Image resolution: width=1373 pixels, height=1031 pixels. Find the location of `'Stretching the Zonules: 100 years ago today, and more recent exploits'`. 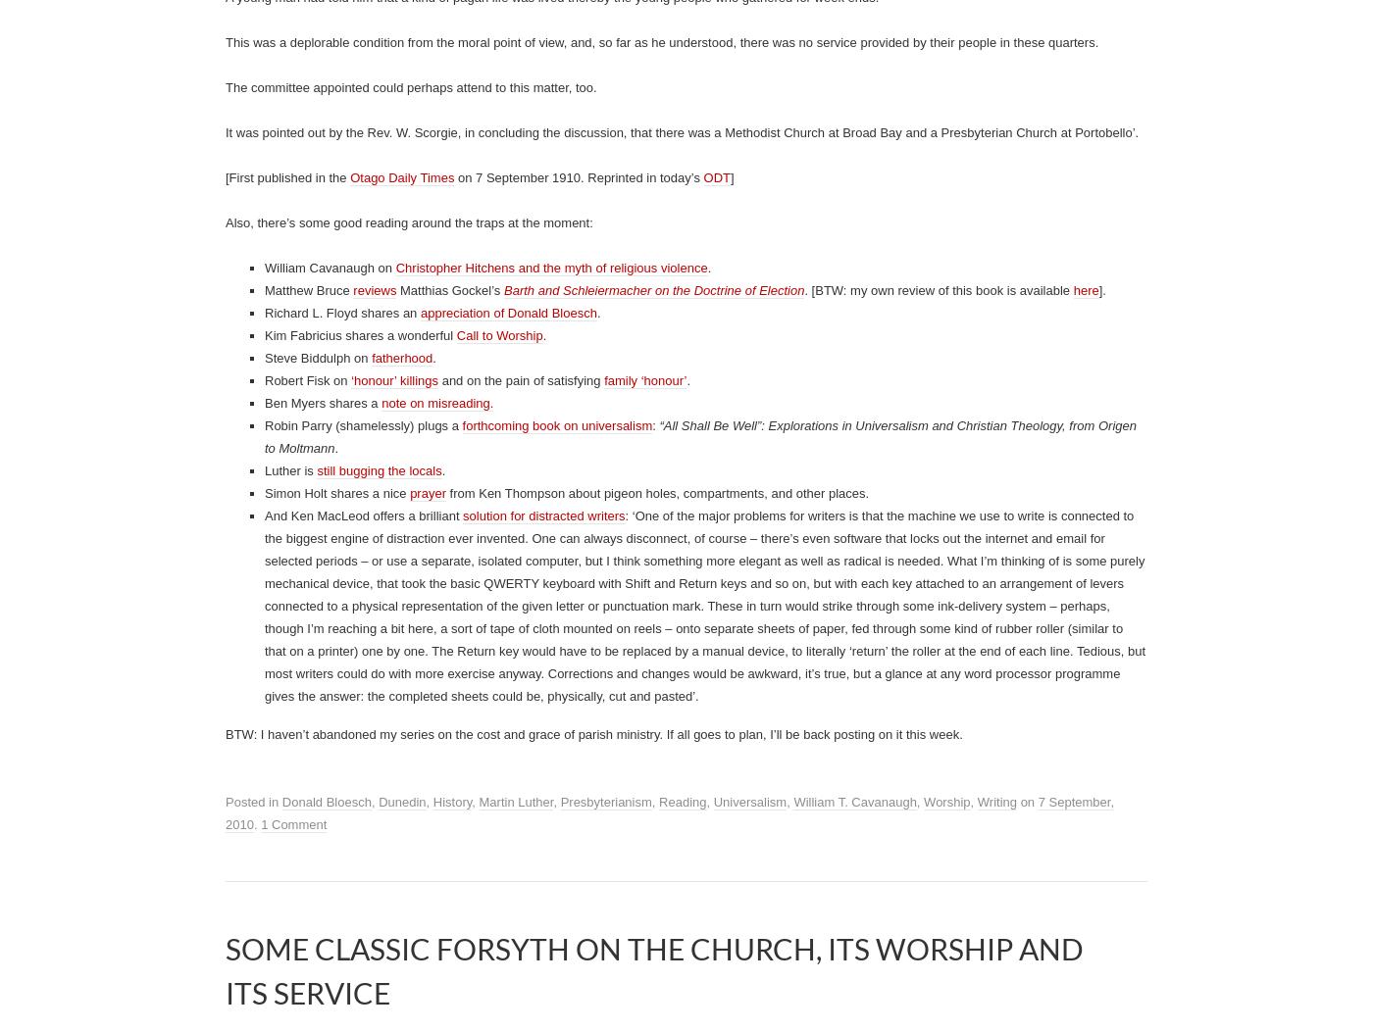

'Stretching the Zonules: 100 years ago today, and more recent exploits' is located at coordinates (666, 350).